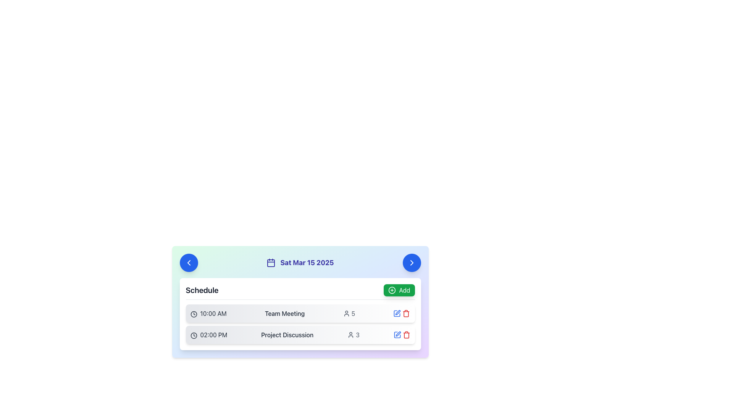  What do you see at coordinates (287, 335) in the screenshot?
I see `text from the Text Label that describes the scheduled event, located to the right of the time label '02:00 PM' in the second row of scheduled events` at bounding box center [287, 335].